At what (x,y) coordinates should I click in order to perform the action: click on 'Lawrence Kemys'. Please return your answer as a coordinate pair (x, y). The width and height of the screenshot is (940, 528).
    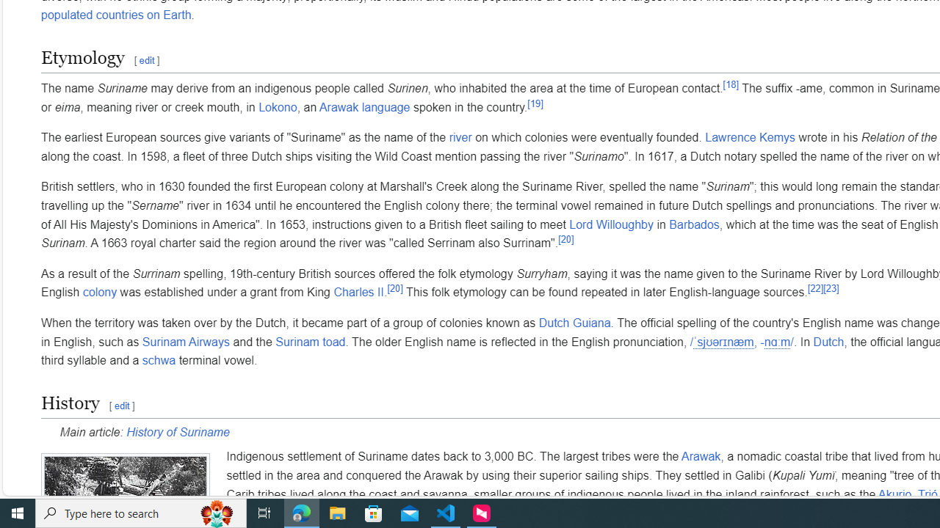
    Looking at the image, I should click on (751, 138).